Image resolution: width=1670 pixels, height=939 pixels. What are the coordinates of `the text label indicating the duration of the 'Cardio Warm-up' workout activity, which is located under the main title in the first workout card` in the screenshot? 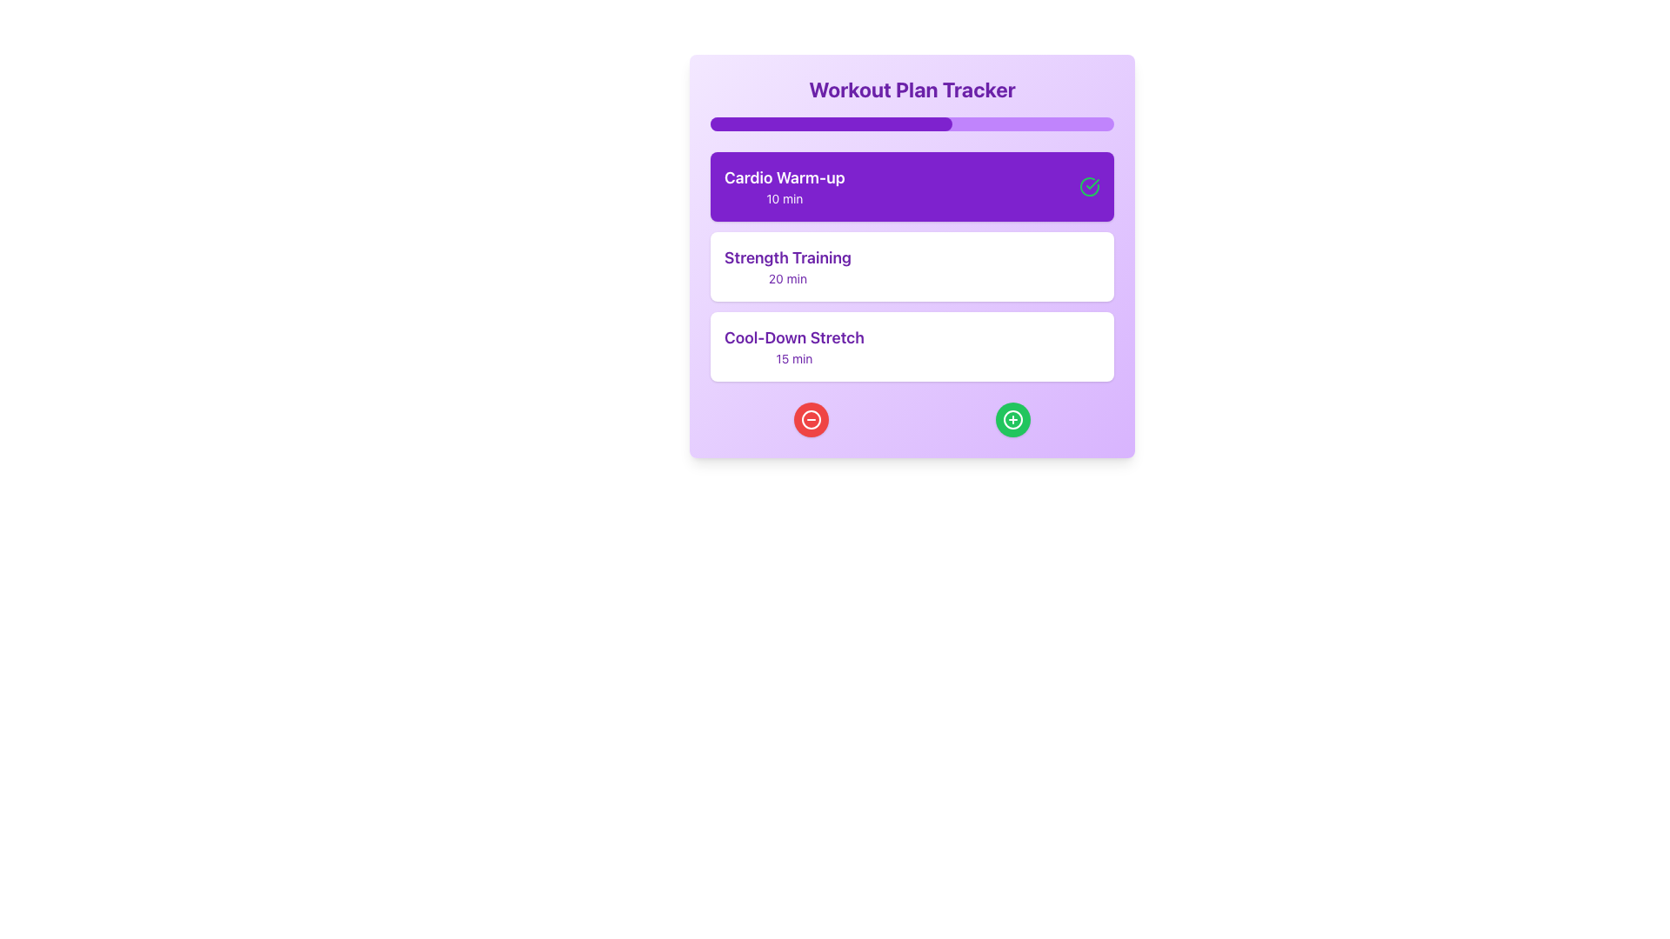 It's located at (784, 197).